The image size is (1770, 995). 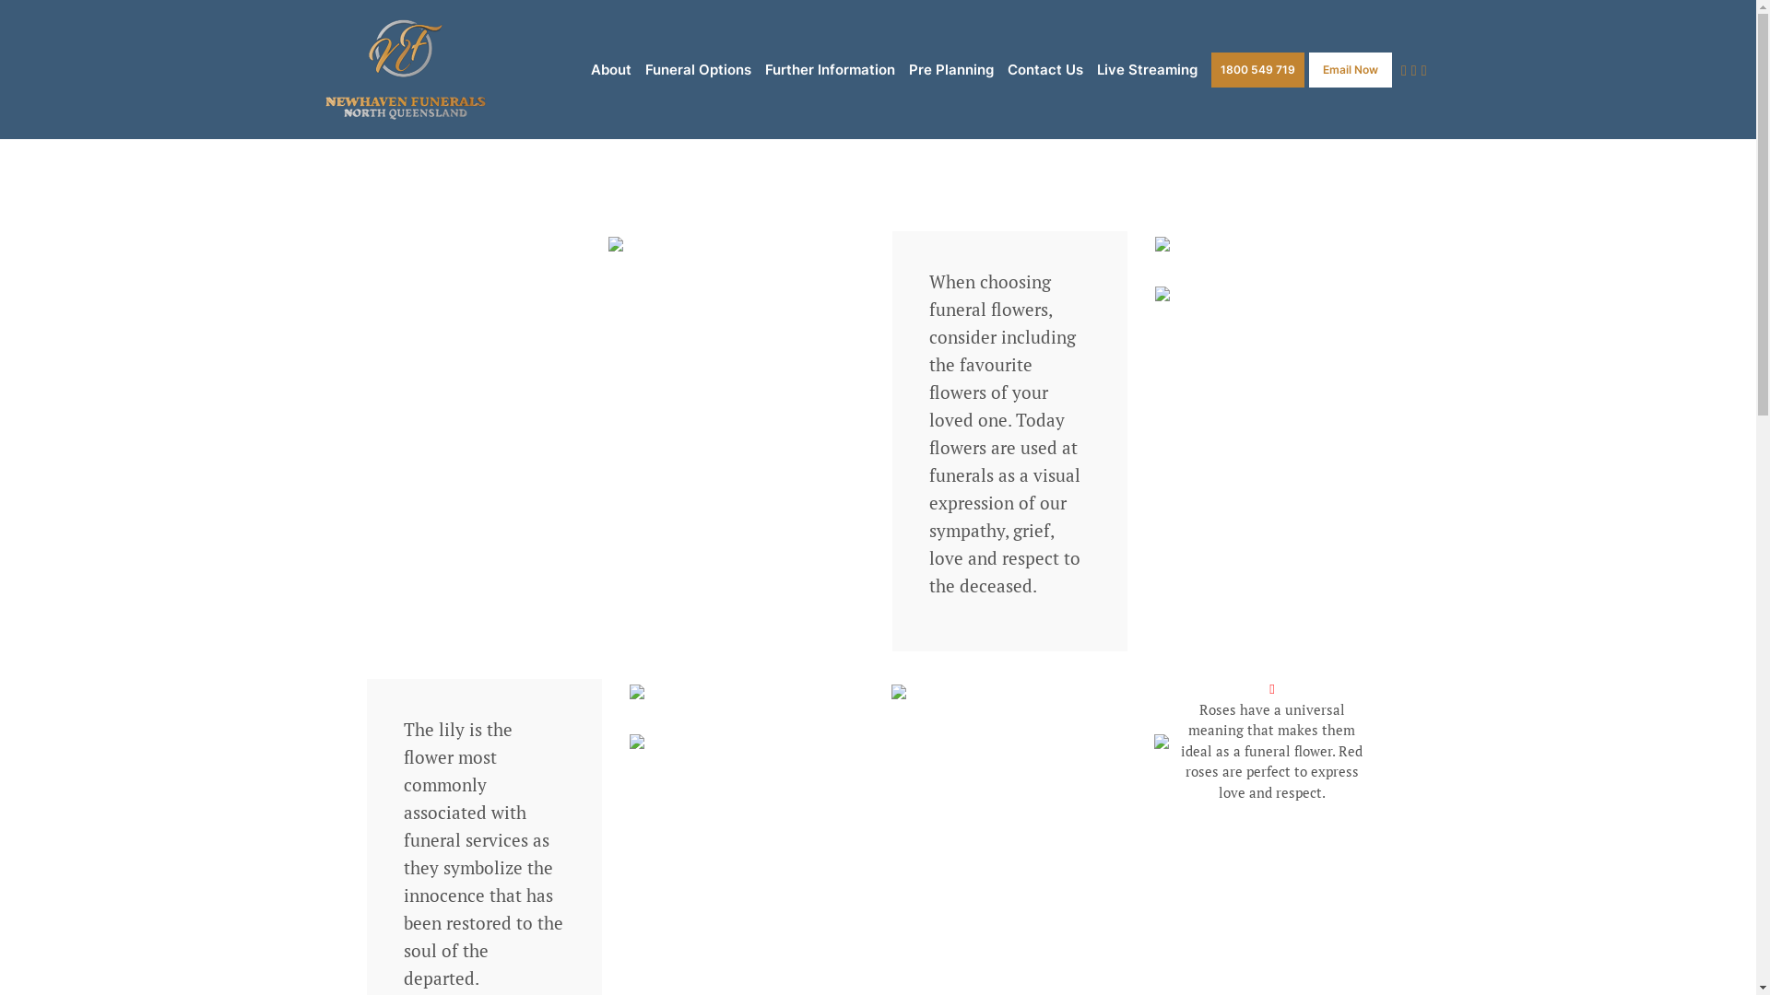 I want to click on '1800 549 719', so click(x=1257, y=67).